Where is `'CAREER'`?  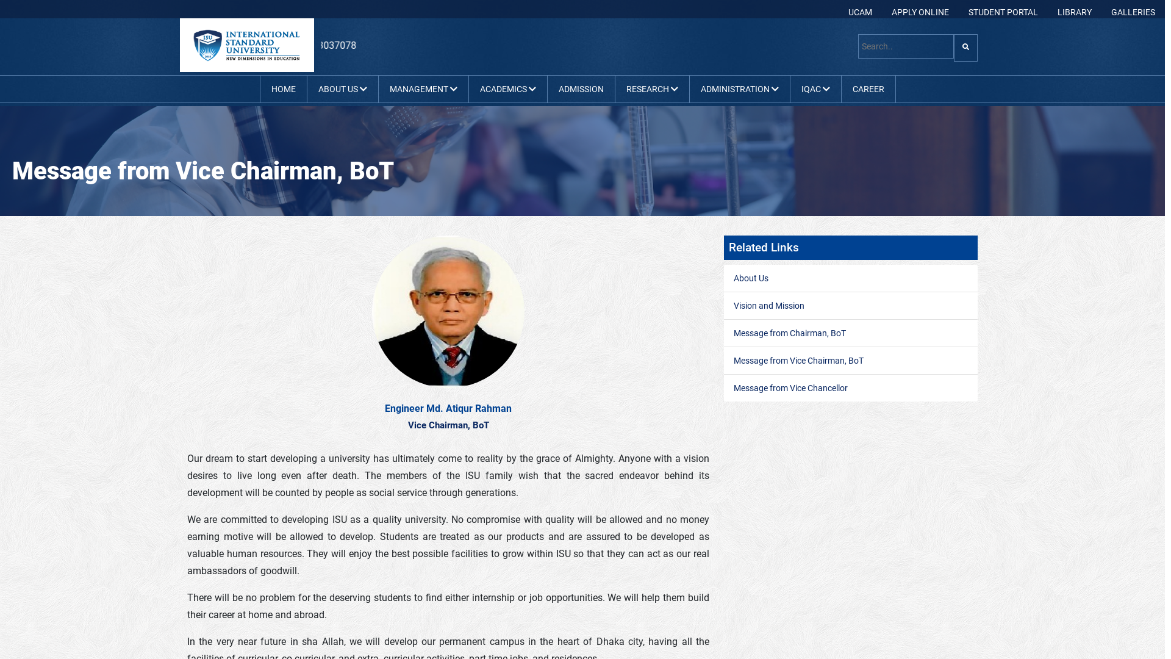
'CAREER' is located at coordinates (868, 88).